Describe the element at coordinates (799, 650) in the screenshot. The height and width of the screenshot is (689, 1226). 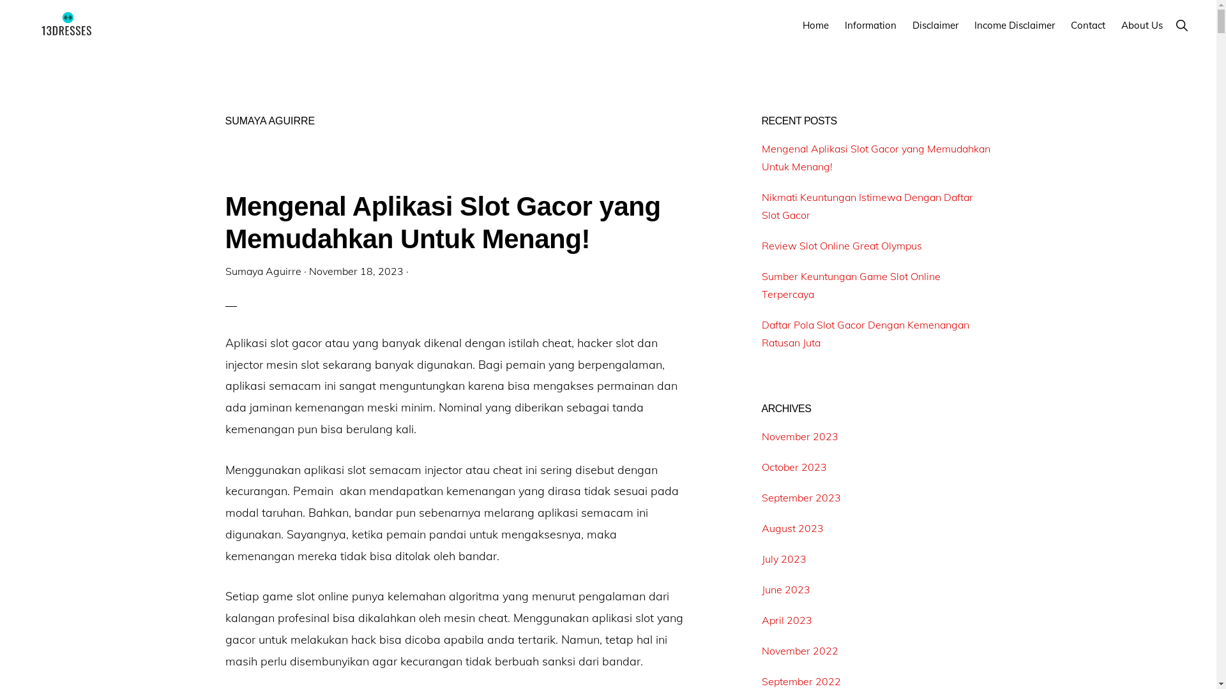
I see `'November 2022'` at that location.